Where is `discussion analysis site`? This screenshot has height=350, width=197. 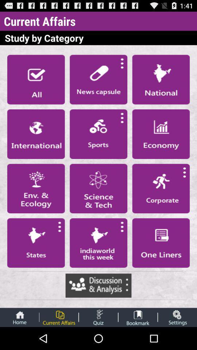 discussion analysis site is located at coordinates (98, 285).